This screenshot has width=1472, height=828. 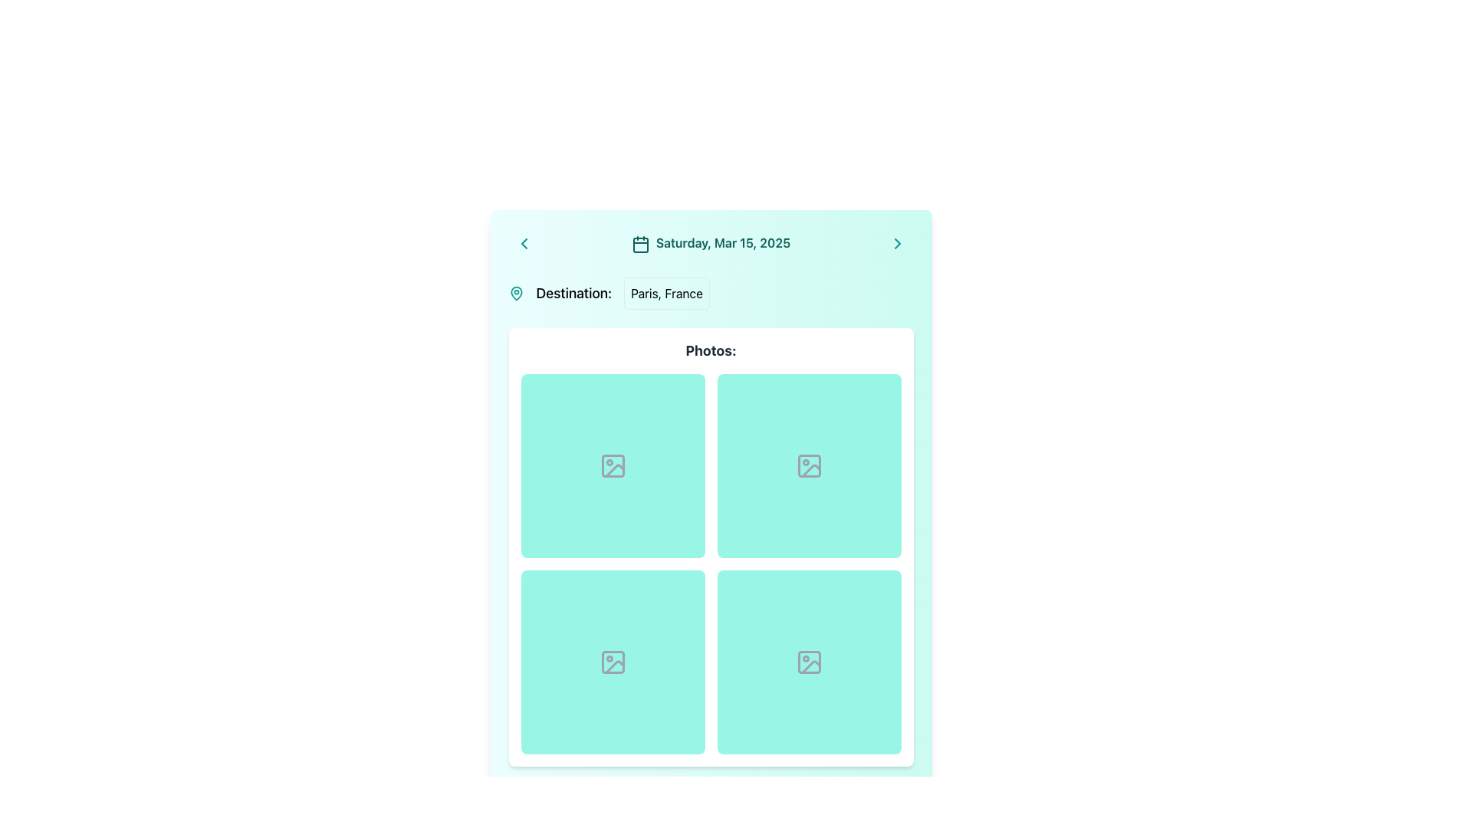 I want to click on the SVG rectangle that serves as the visual boundary for the calendar icon, located at the top center of the interface, slightly left of the main date text, so click(x=640, y=244).